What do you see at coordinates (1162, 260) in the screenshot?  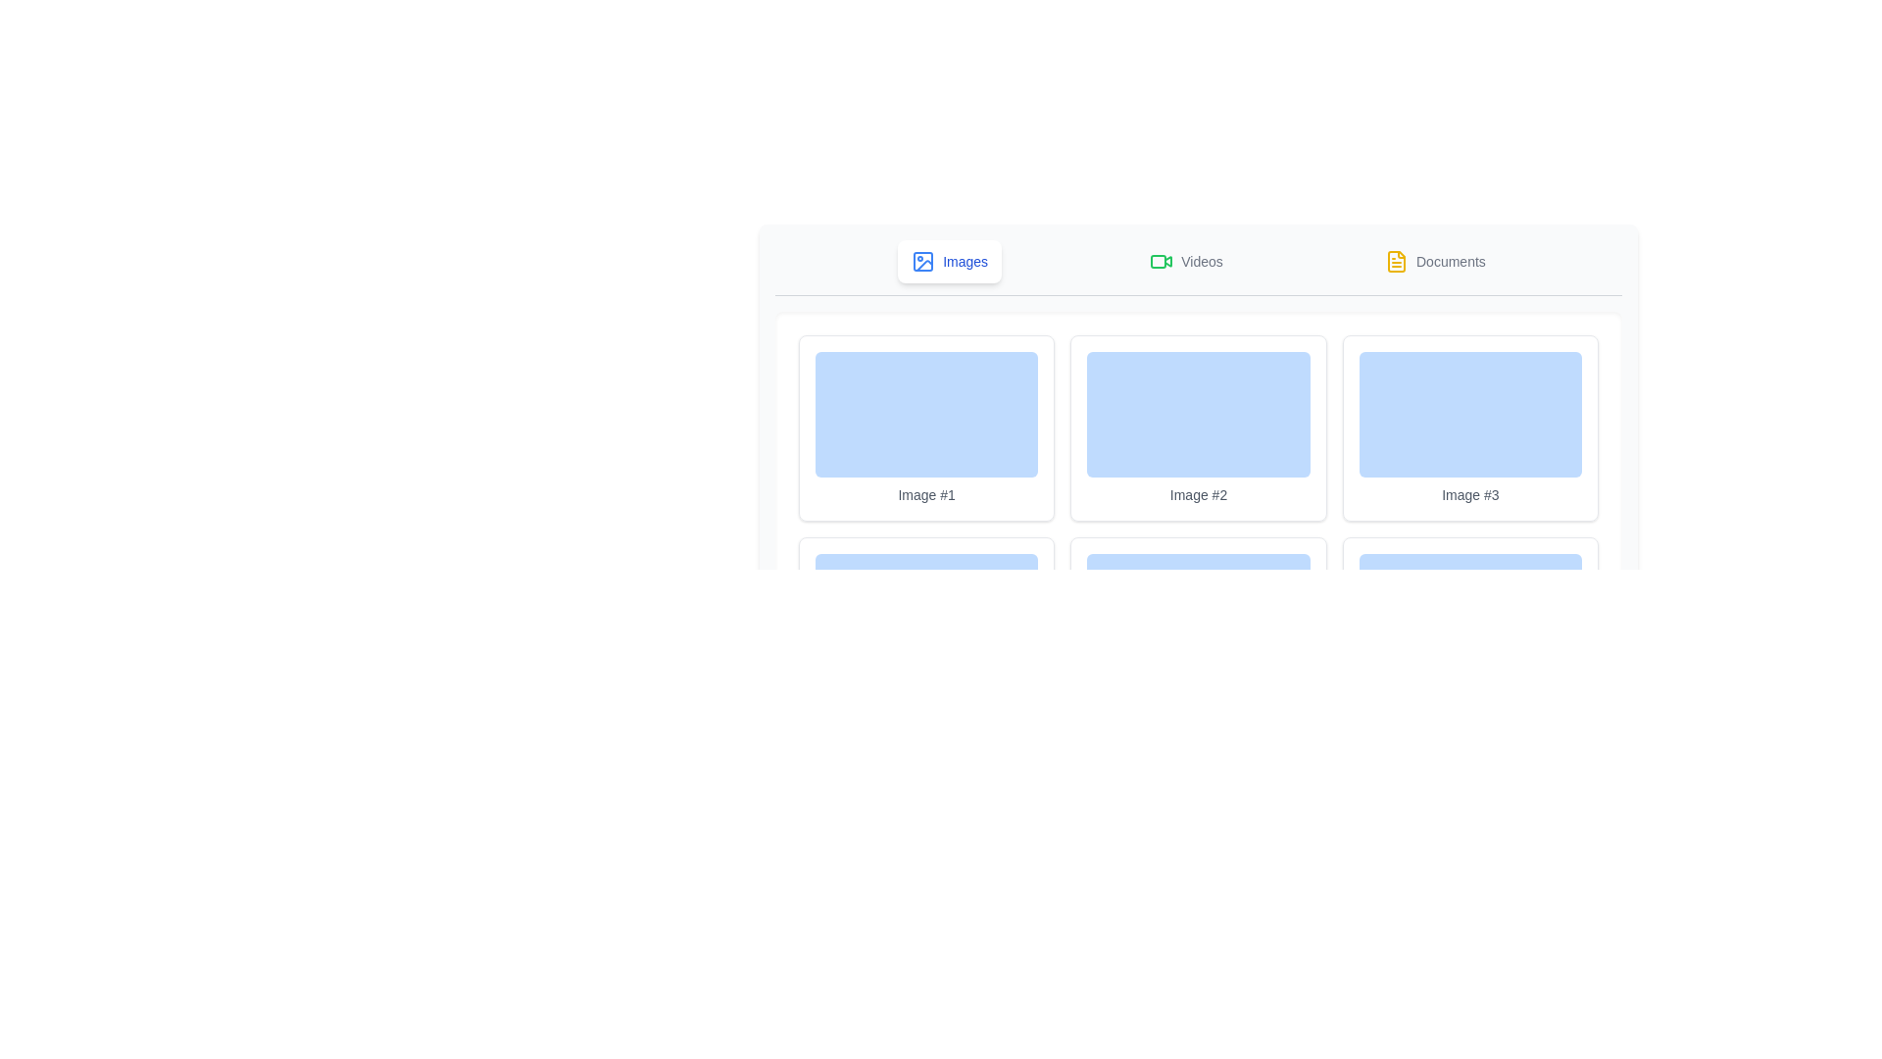 I see `the video camera icon located in the header navigation menu` at bounding box center [1162, 260].